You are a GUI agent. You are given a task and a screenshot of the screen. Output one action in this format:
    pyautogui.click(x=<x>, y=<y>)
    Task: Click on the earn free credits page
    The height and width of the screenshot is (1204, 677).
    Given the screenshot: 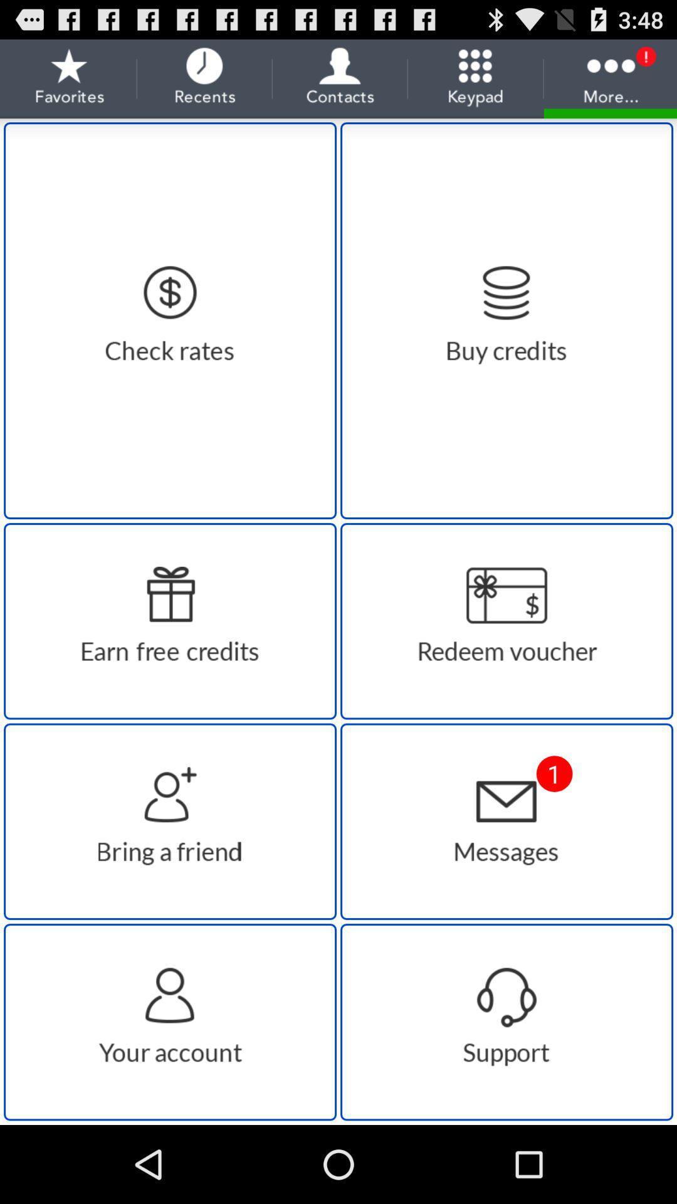 What is the action you would take?
    pyautogui.click(x=170, y=621)
    